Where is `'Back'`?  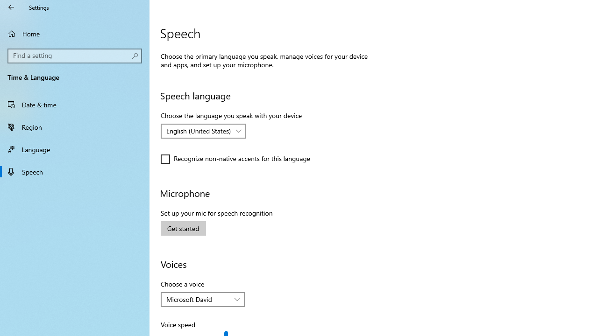
'Back' is located at coordinates (11, 7).